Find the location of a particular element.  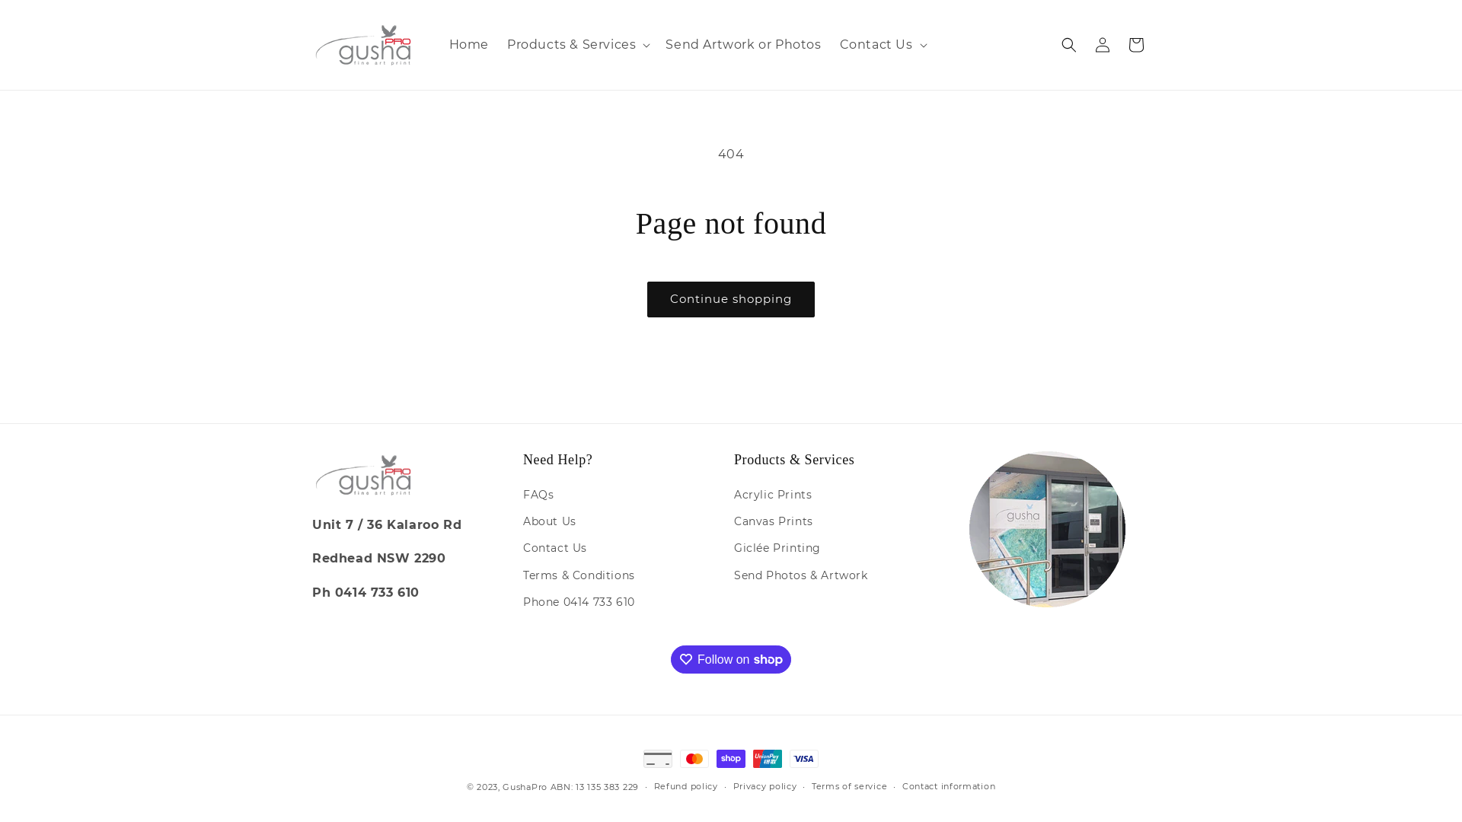

'Terms & Conditions' is located at coordinates (578, 575).